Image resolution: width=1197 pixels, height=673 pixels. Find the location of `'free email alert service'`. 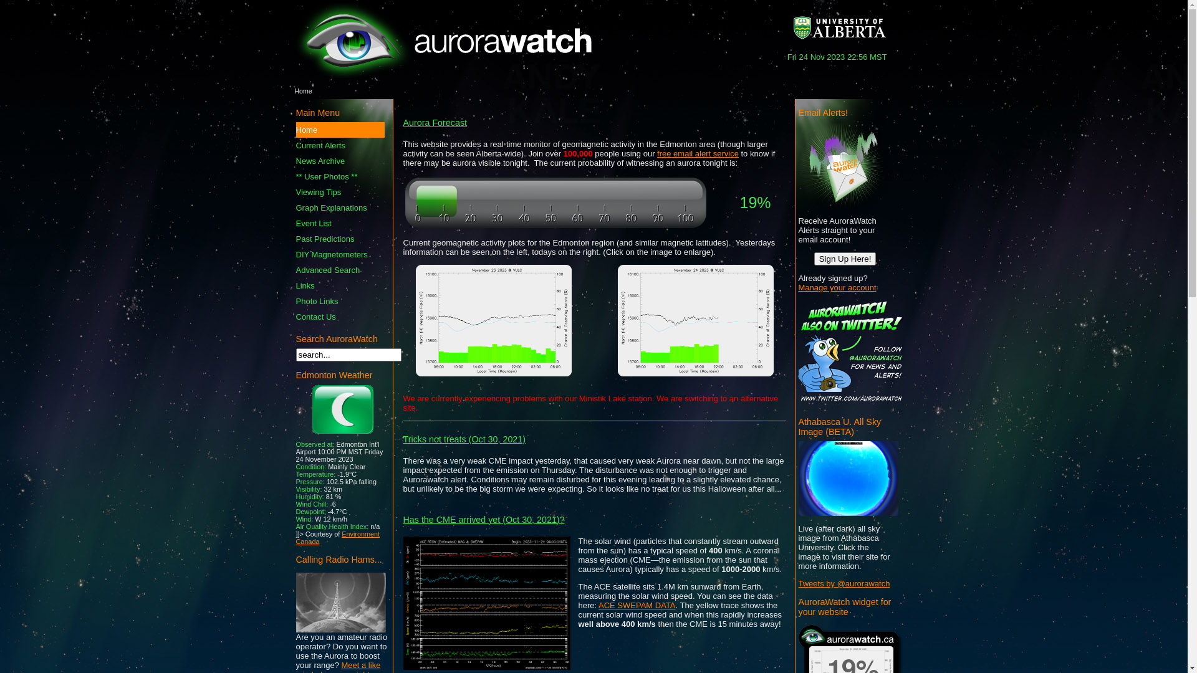

'free email alert service' is located at coordinates (697, 153).